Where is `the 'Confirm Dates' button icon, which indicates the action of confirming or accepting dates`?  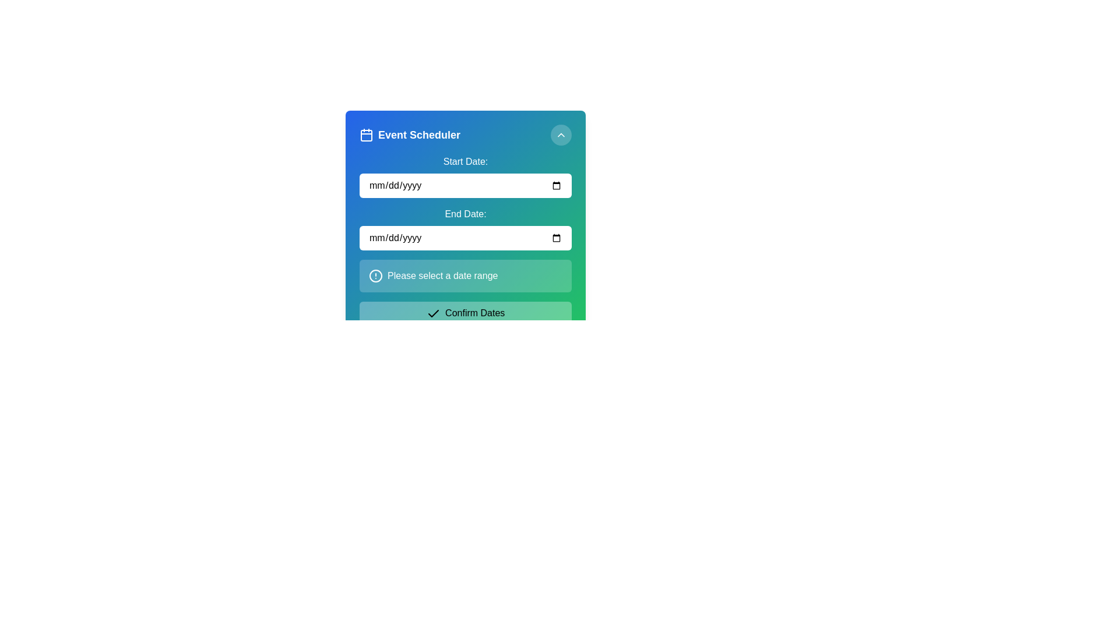
the 'Confirm Dates' button icon, which indicates the action of confirming or accepting dates is located at coordinates (432, 313).